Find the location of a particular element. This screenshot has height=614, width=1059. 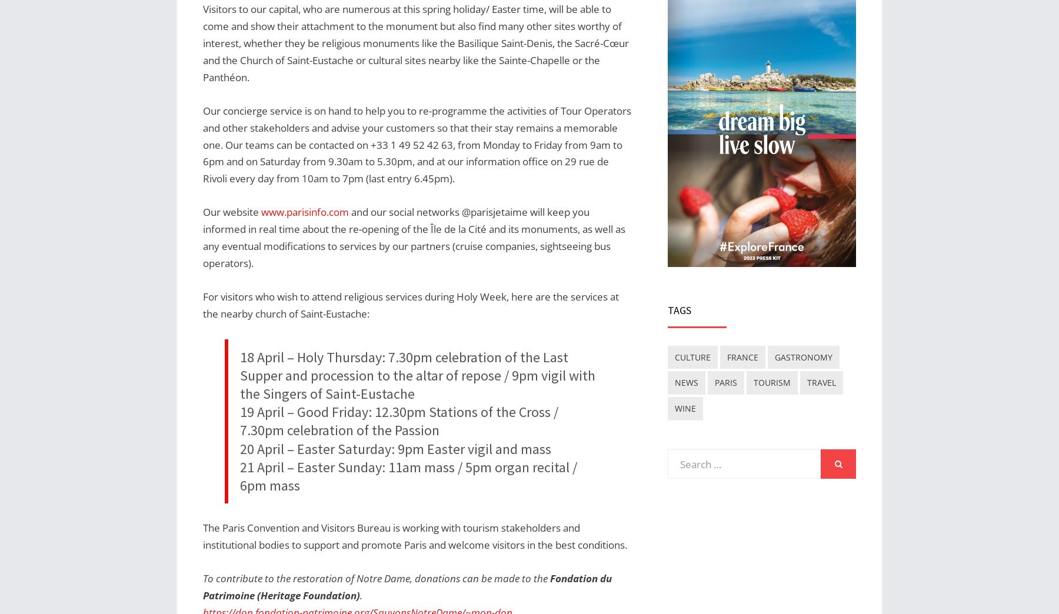

'News' is located at coordinates (674, 382).